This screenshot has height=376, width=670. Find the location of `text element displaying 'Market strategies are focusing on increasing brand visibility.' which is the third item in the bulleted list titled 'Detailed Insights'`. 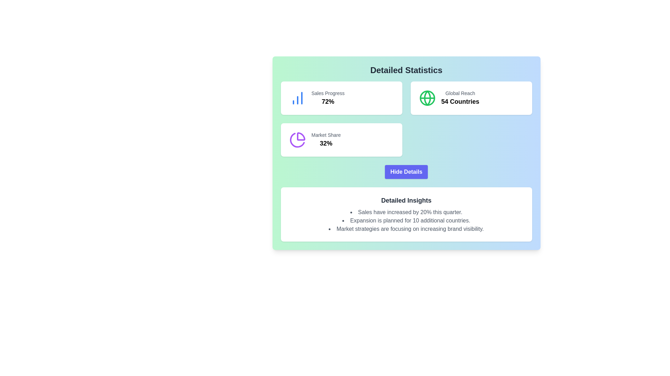

text element displaying 'Market strategies are focusing on increasing brand visibility.' which is the third item in the bulleted list titled 'Detailed Insights' is located at coordinates (406, 229).